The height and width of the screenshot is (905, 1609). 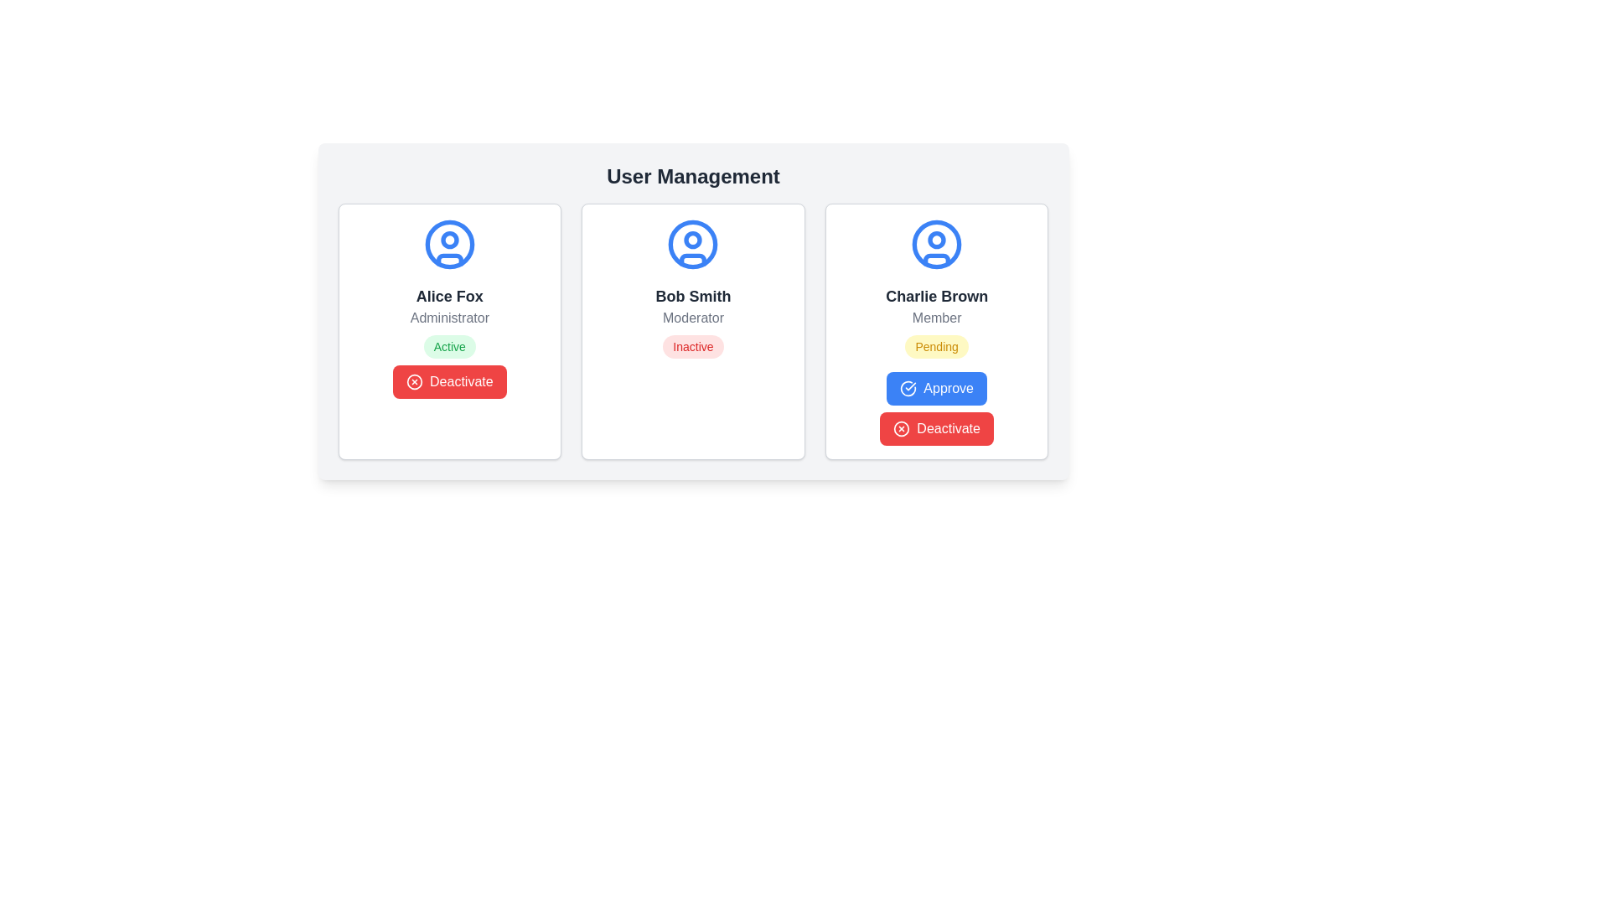 What do you see at coordinates (449, 381) in the screenshot?
I see `the deactivate button located below the 'Active' status tag in the card for 'Alice Fox'` at bounding box center [449, 381].